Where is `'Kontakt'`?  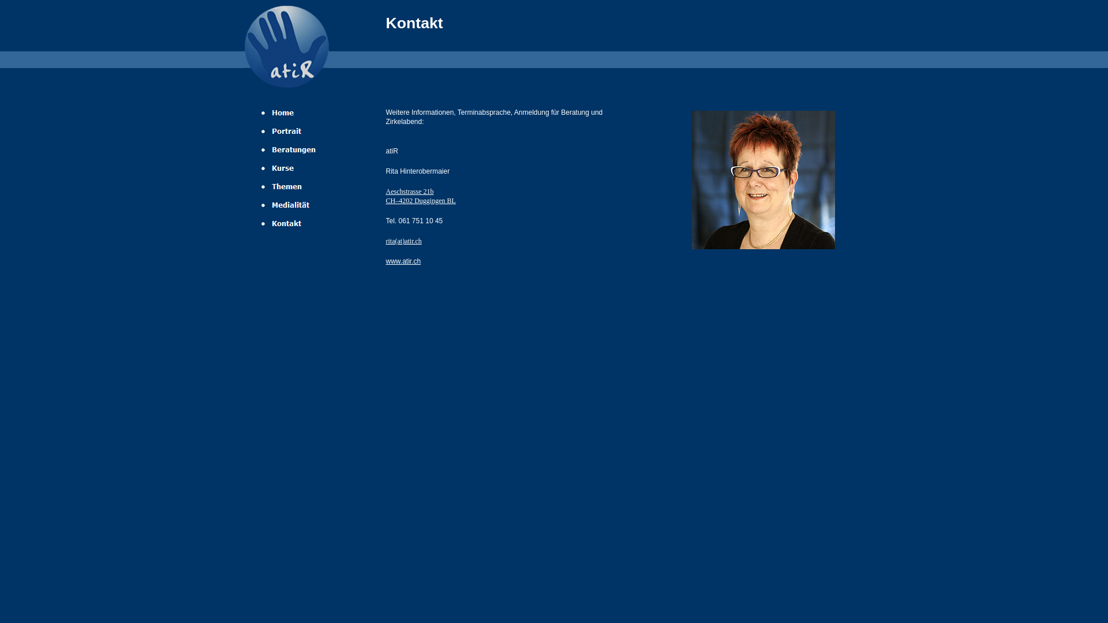
'Kontakt' is located at coordinates (259, 223).